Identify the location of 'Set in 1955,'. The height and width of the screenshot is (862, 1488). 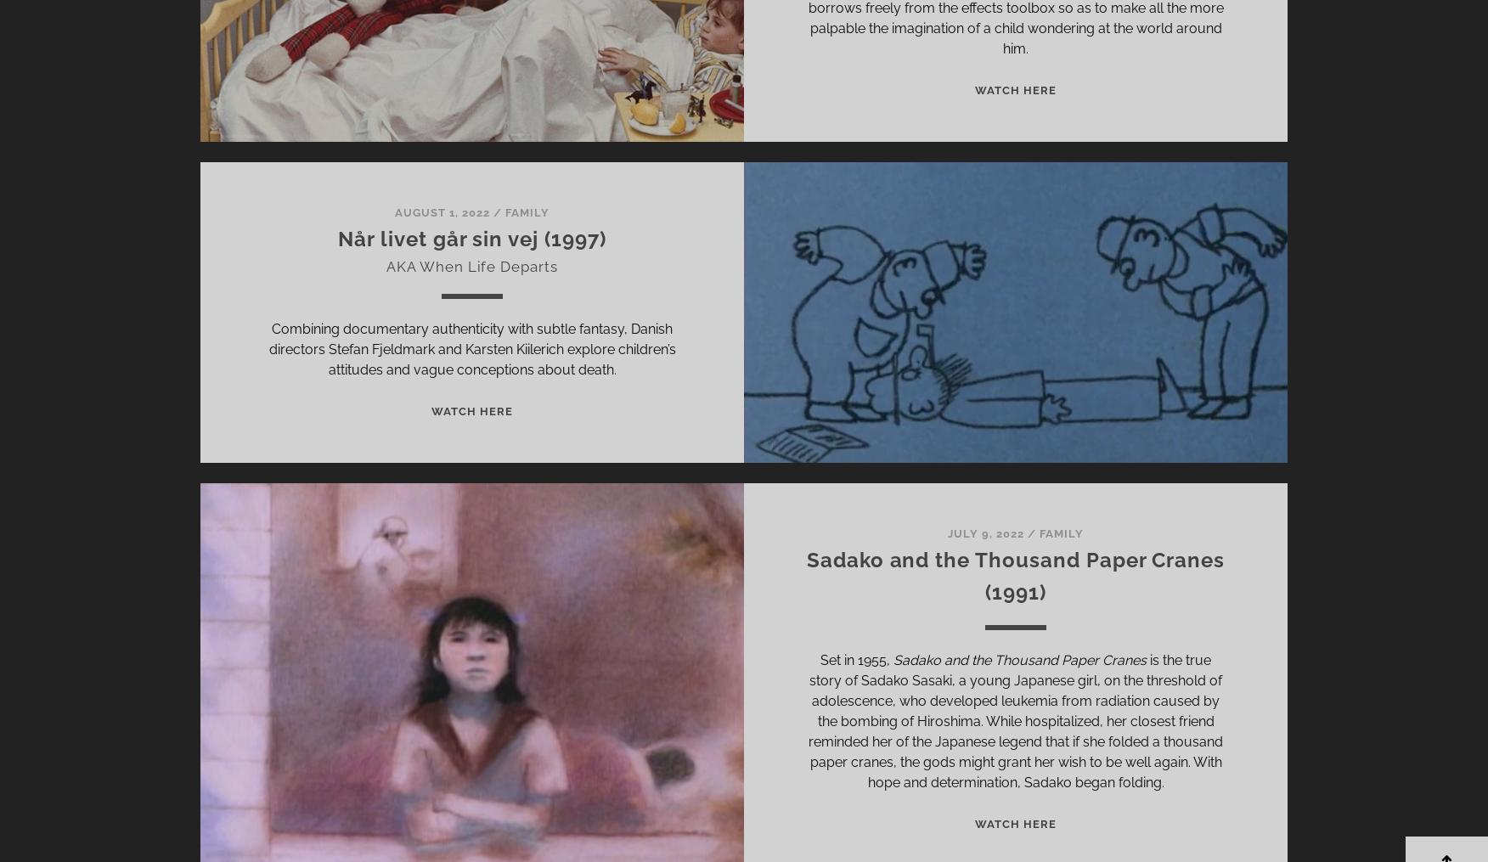
(855, 658).